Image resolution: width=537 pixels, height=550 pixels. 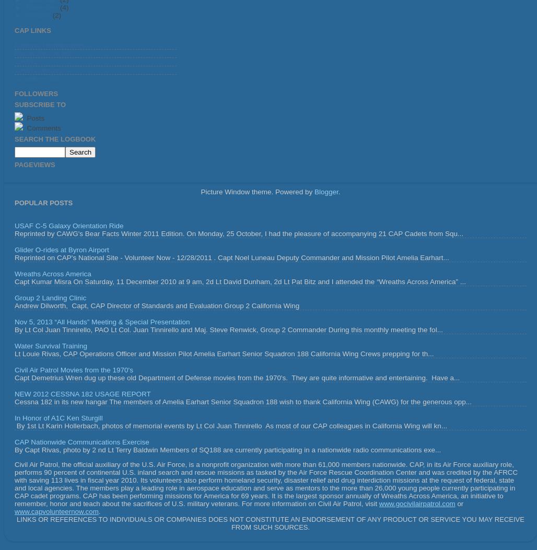 I want to click on 'Posts', so click(x=33, y=118).